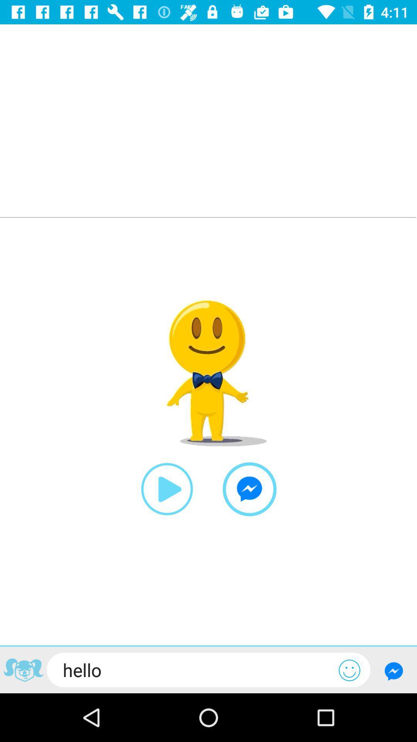 This screenshot has width=417, height=742. I want to click on image page, so click(23, 671).